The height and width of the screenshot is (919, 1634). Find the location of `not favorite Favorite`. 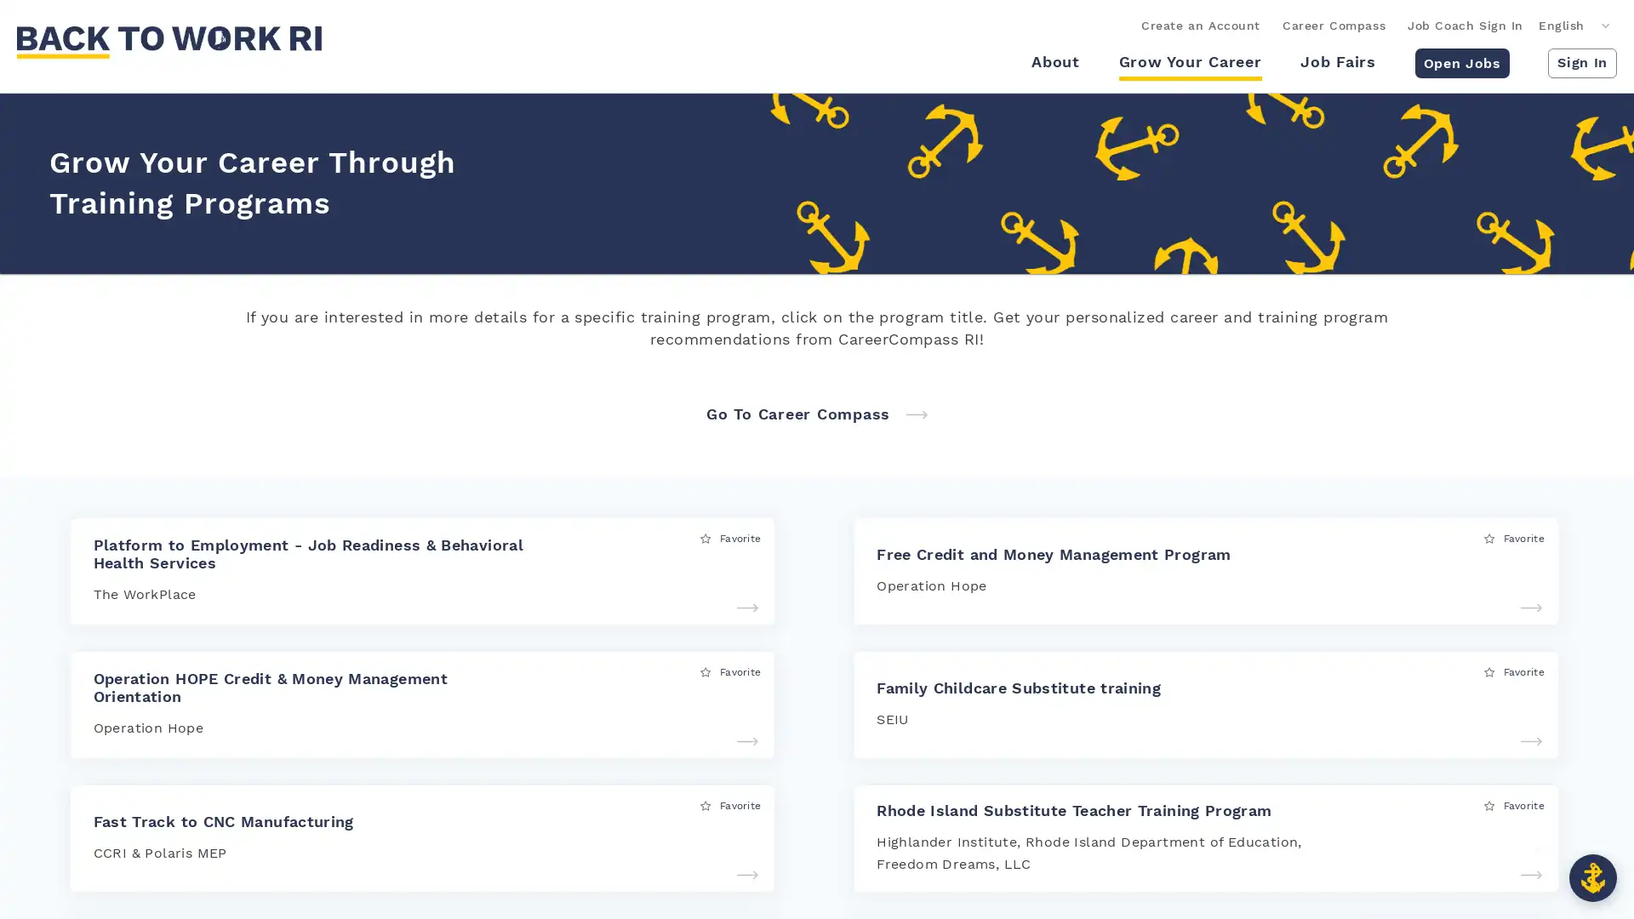

not favorite Favorite is located at coordinates (730, 804).